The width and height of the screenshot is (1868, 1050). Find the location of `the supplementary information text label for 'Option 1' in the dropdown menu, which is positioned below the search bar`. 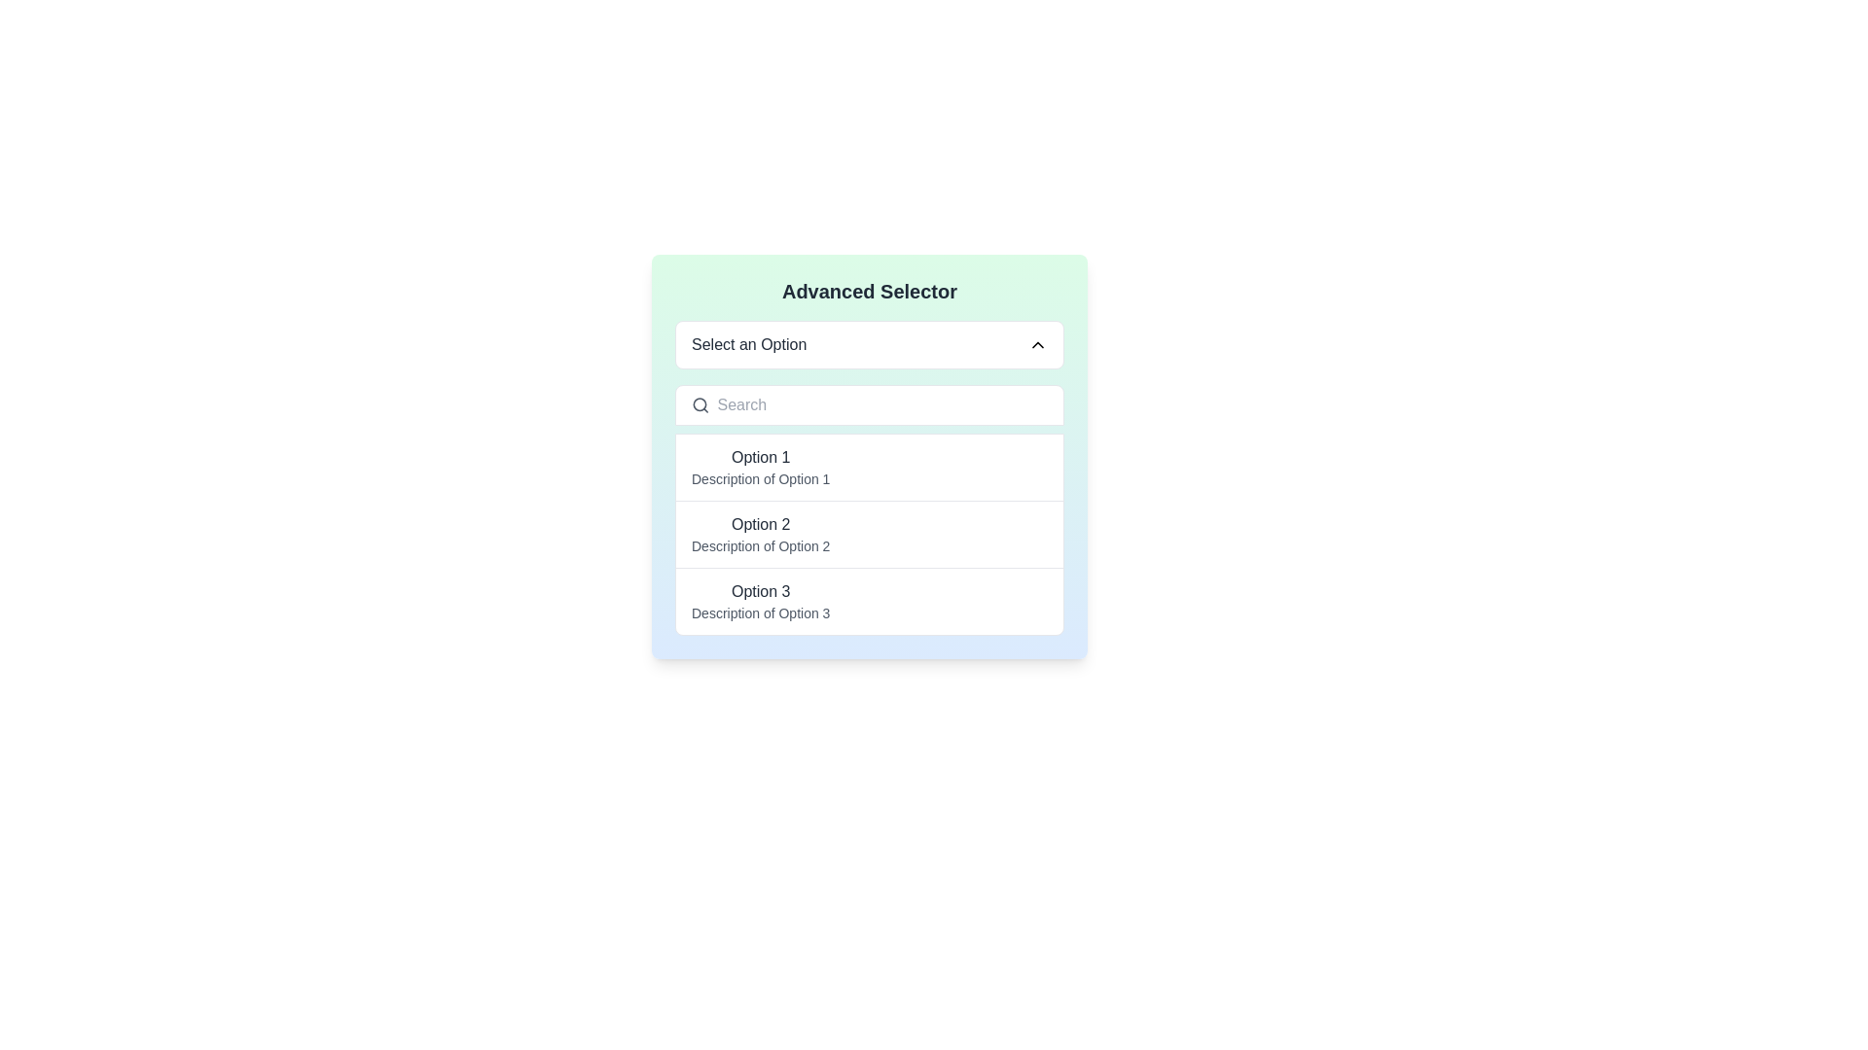

the supplementary information text label for 'Option 1' in the dropdown menu, which is positioned below the search bar is located at coordinates (760, 479).